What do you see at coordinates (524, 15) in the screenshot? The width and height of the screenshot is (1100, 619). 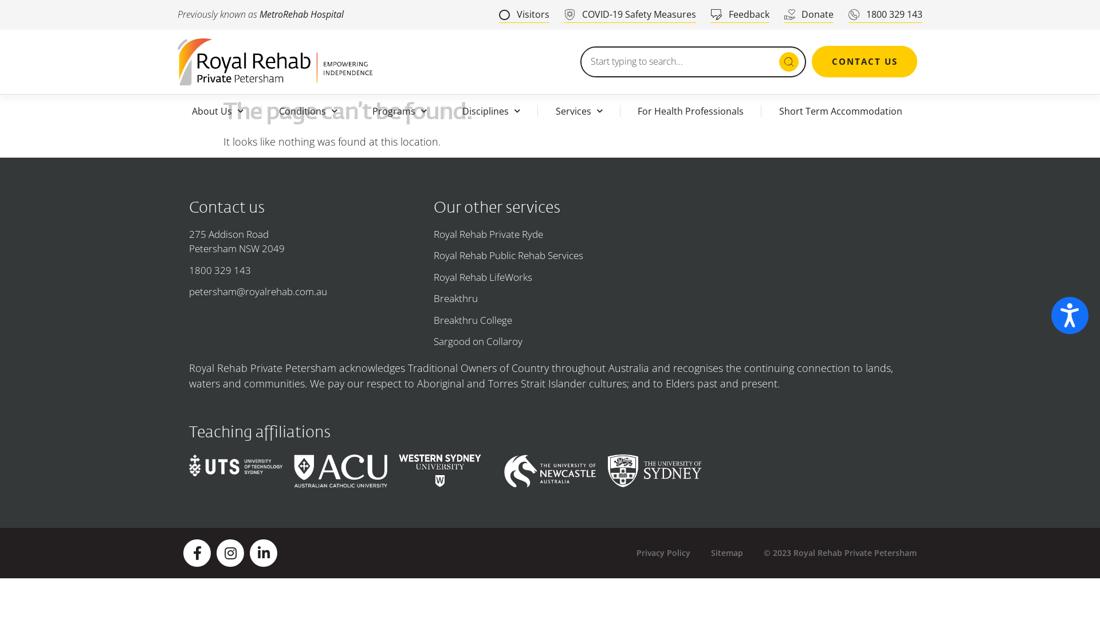 I see `'Visitors'` at bounding box center [524, 15].